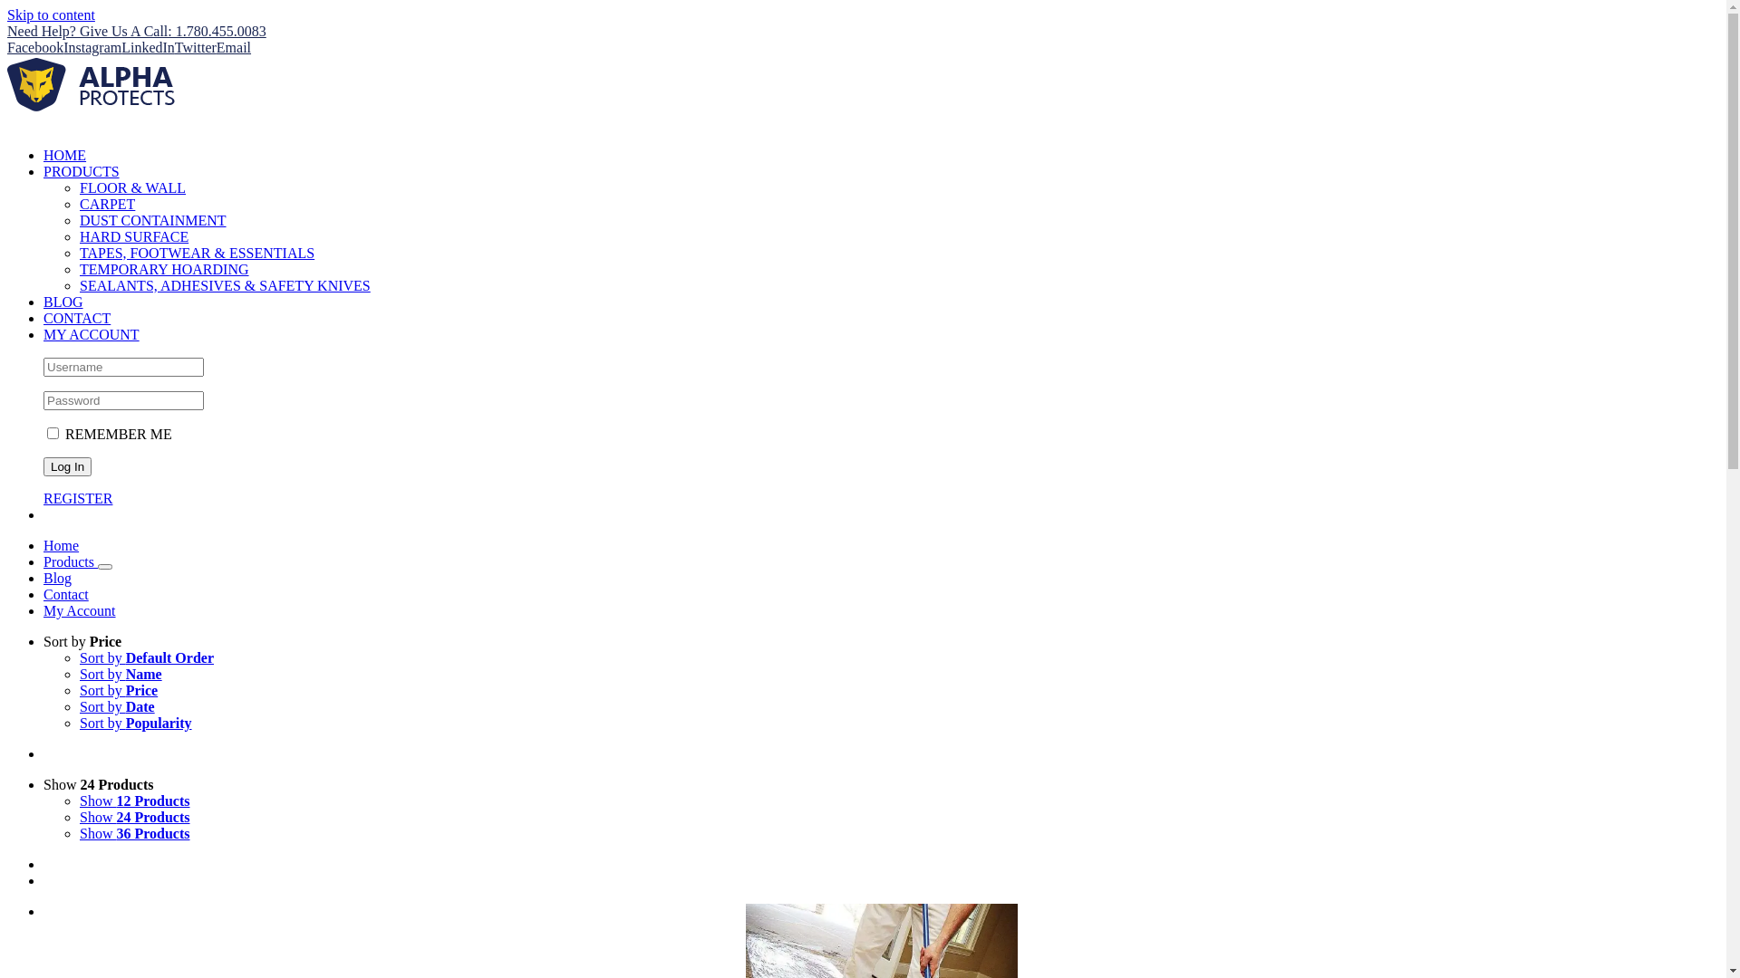 This screenshot has width=1740, height=978. What do you see at coordinates (64, 154) in the screenshot?
I see `'HOME'` at bounding box center [64, 154].